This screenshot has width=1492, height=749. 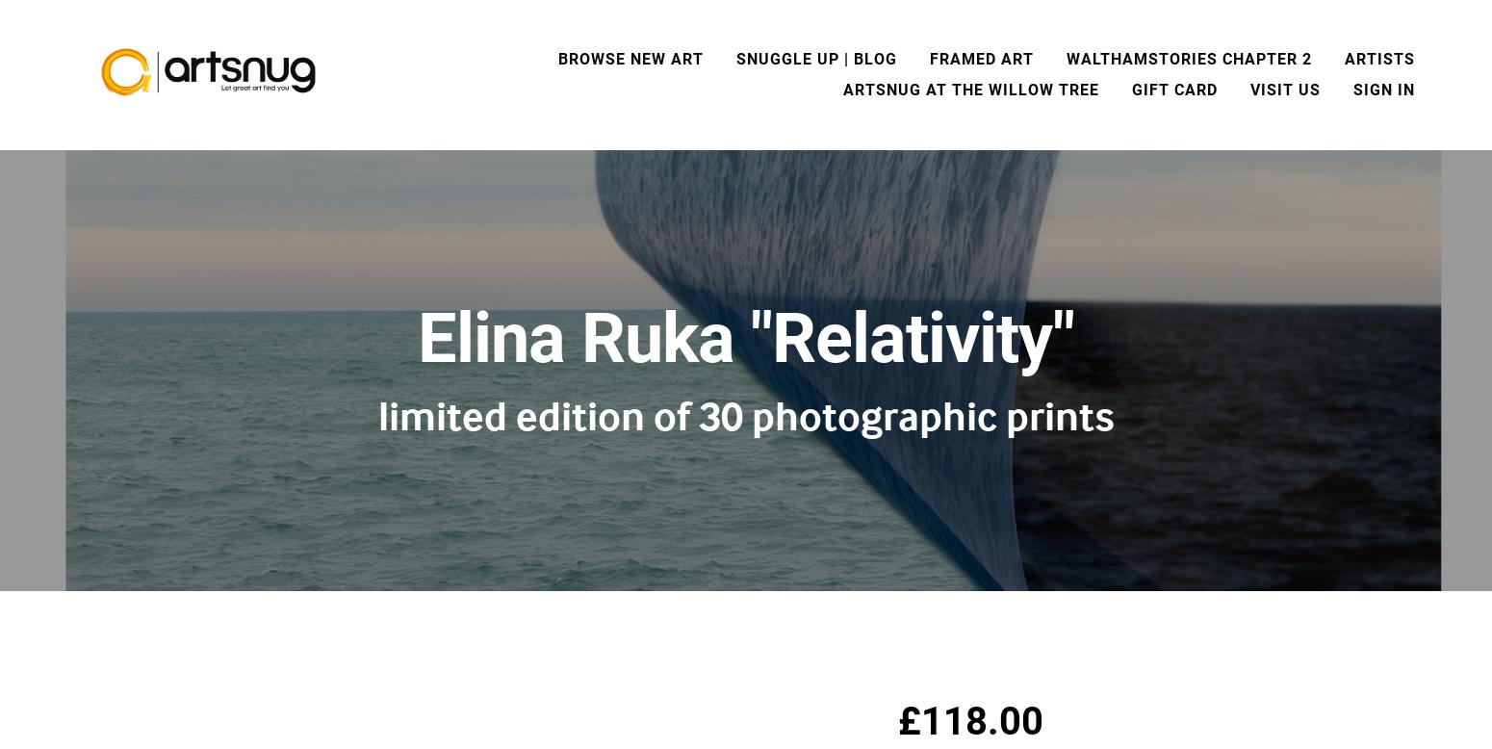 I want to click on 'Snuggle Up | Blog', so click(x=815, y=59).